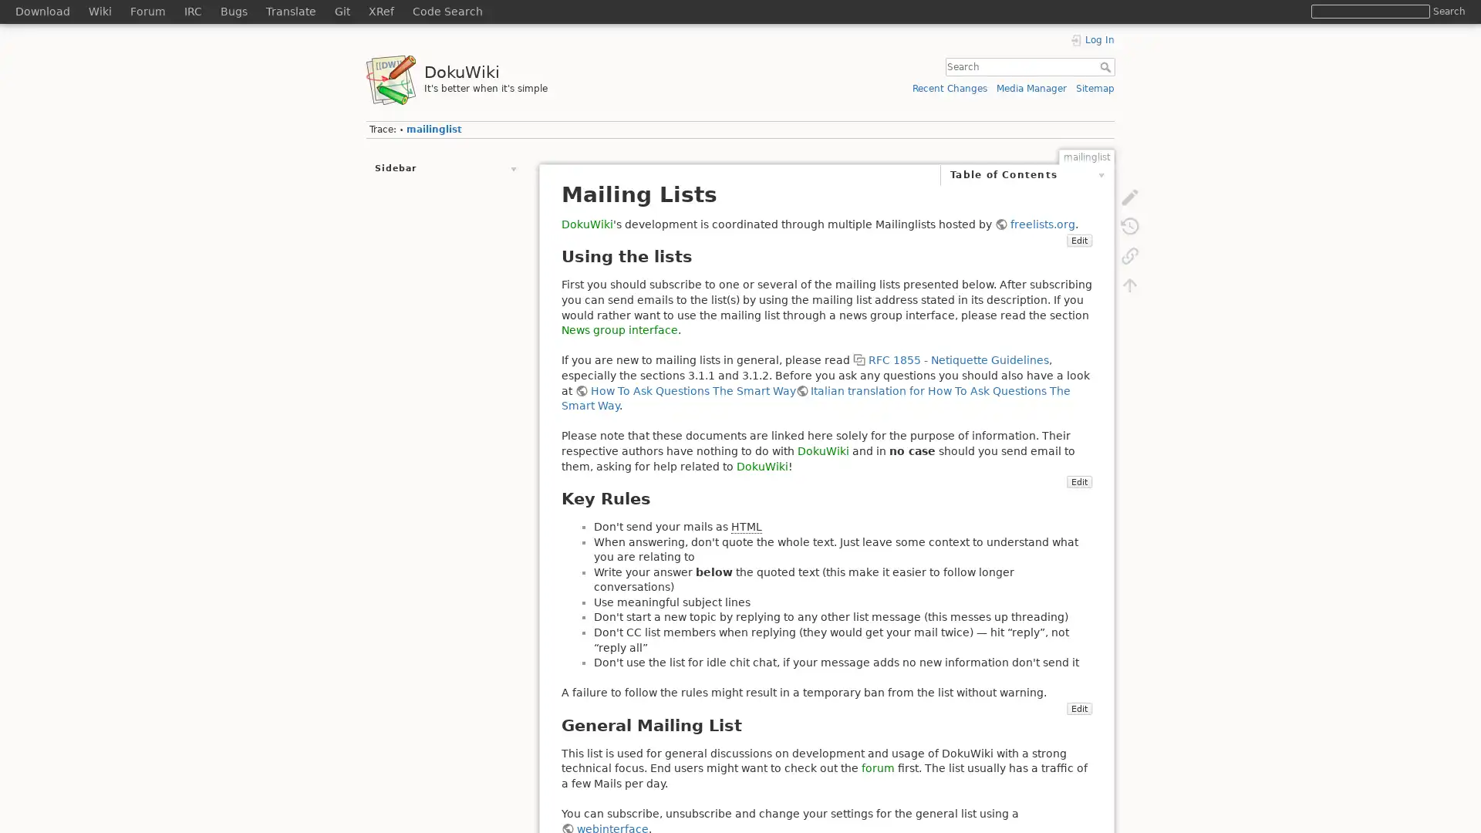 This screenshot has height=833, width=1481. Describe the element at coordinates (1078, 737) in the screenshot. I see `Edit` at that location.